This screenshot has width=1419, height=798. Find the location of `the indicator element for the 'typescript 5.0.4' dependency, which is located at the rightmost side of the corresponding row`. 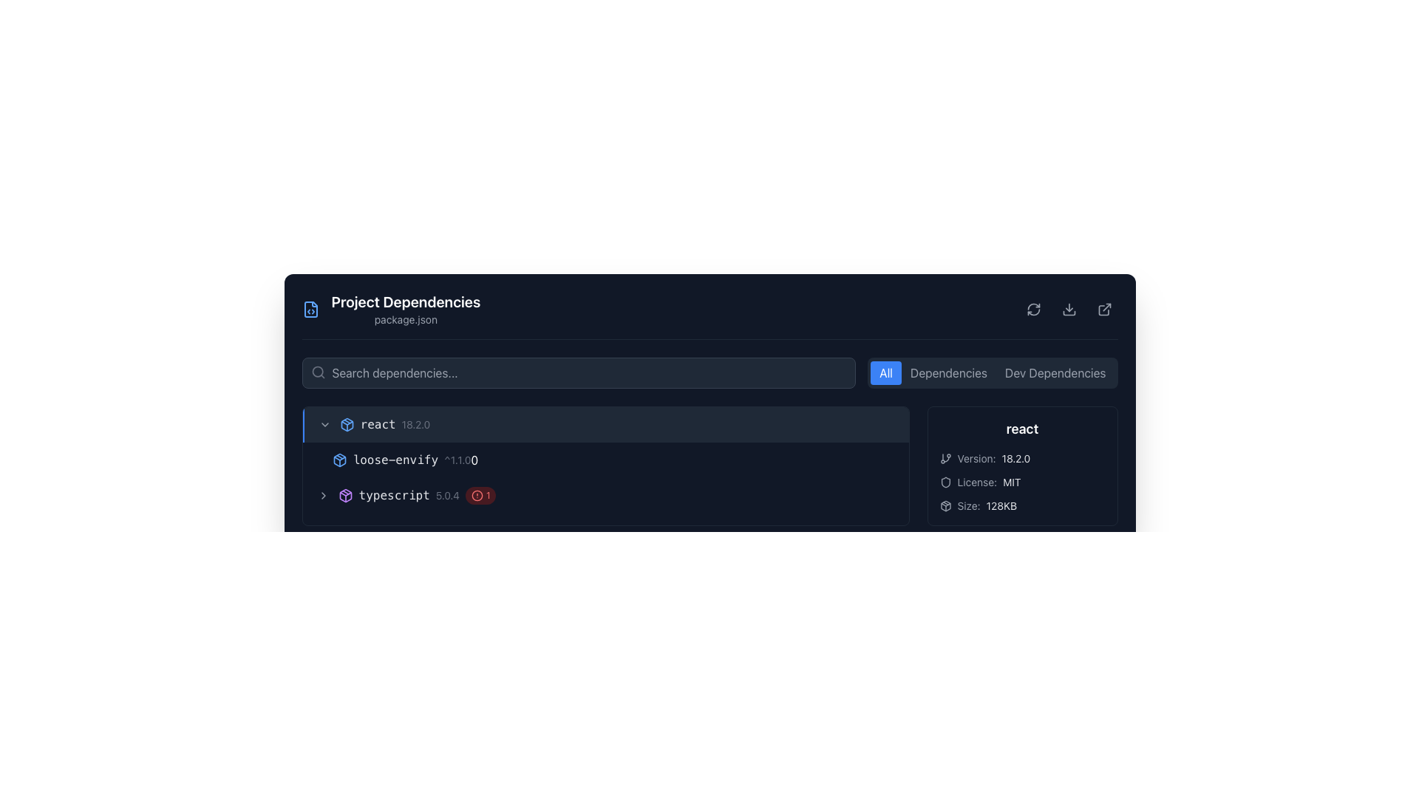

the indicator element for the 'typescript 5.0.4' dependency, which is located at the rightmost side of the corresponding row is located at coordinates (480, 496).